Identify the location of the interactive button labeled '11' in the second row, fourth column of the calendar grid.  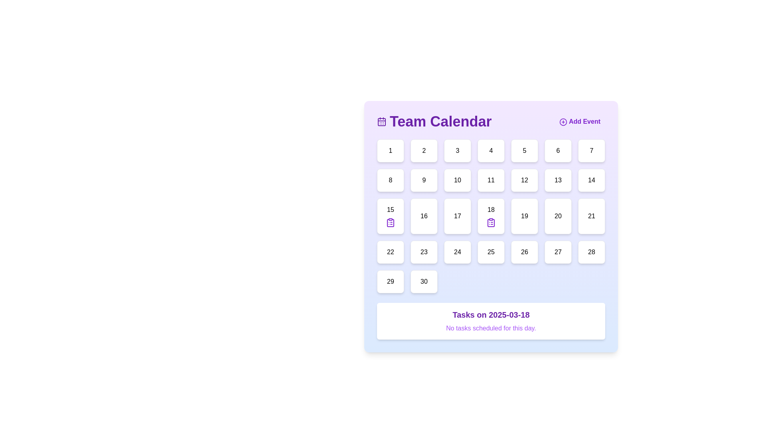
(490, 180).